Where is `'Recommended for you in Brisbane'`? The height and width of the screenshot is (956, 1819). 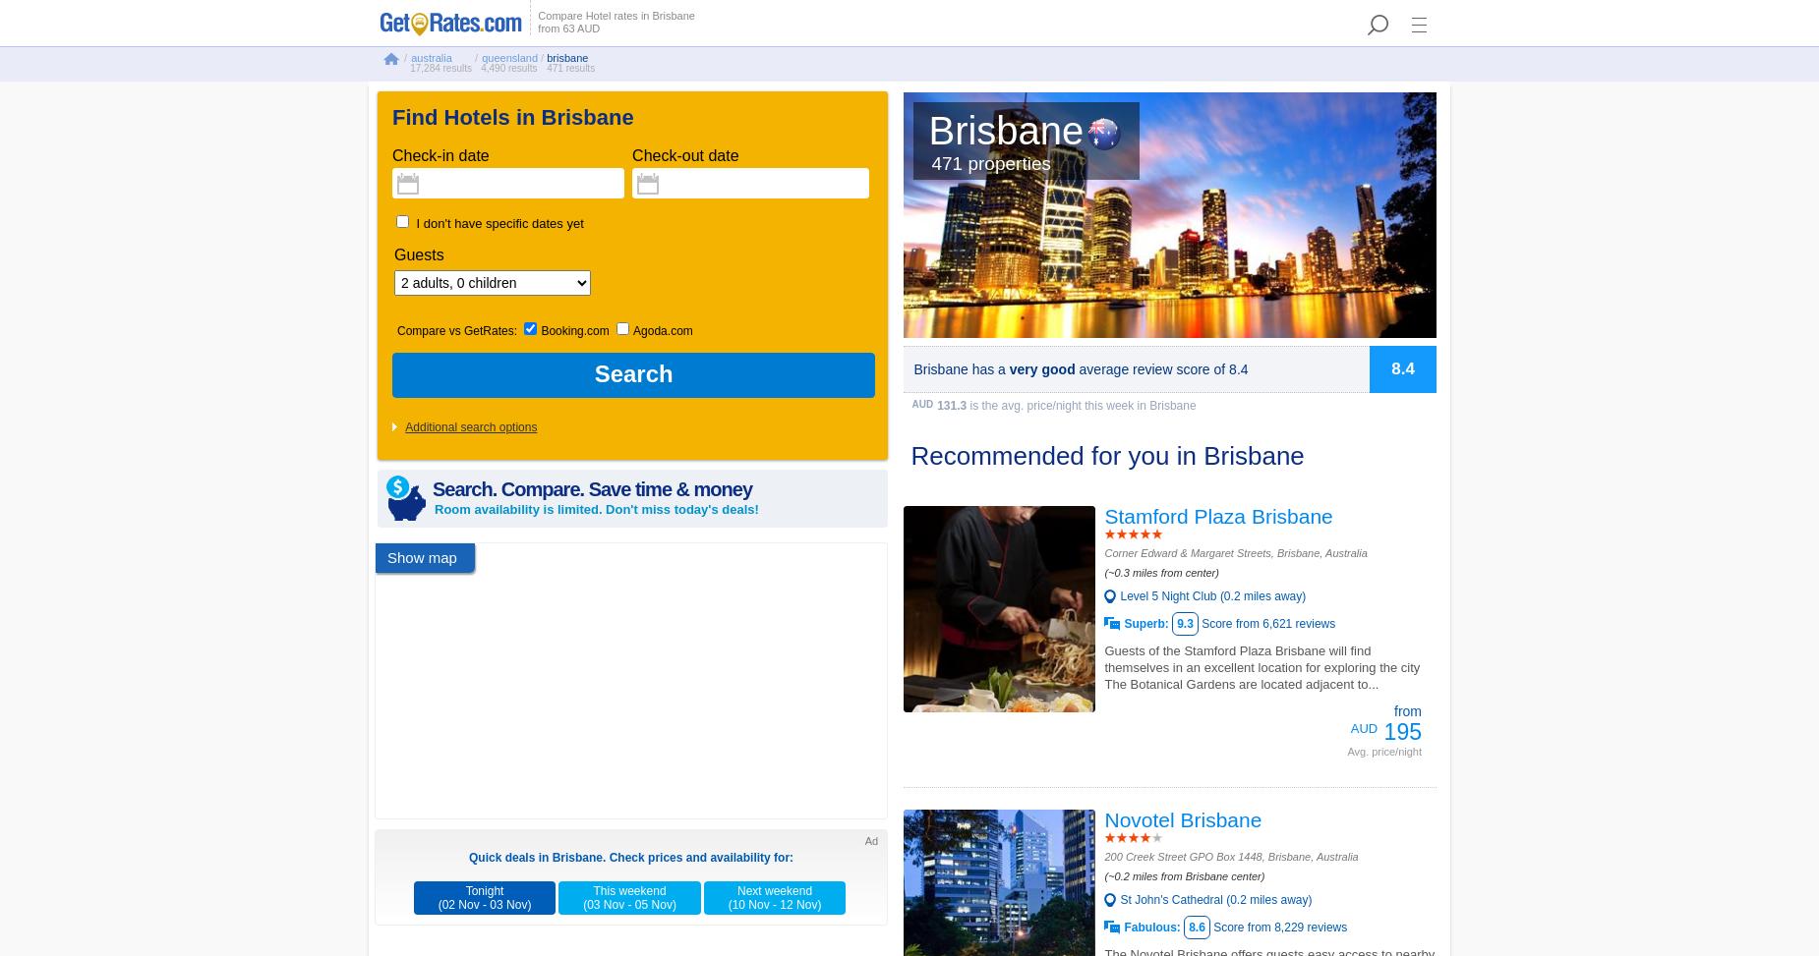
'Recommended for you in Brisbane' is located at coordinates (1105, 456).